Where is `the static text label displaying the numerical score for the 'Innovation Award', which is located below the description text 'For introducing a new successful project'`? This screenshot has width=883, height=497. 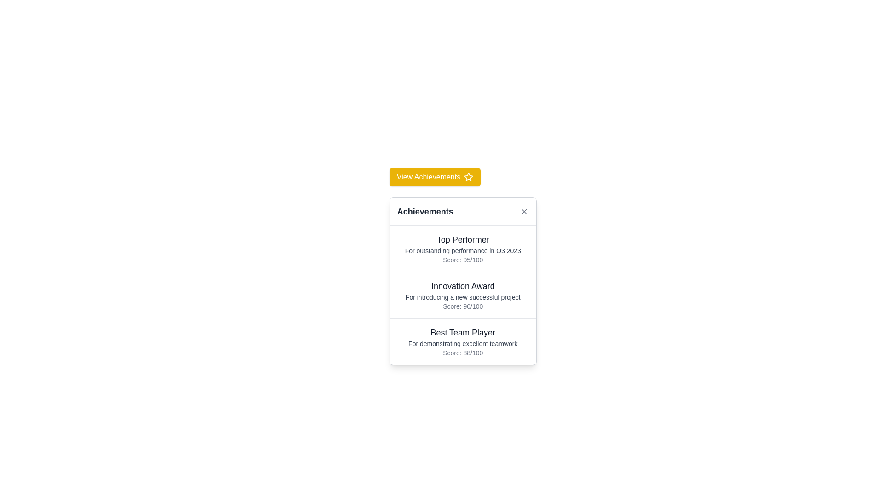
the static text label displaying the numerical score for the 'Innovation Award', which is located below the description text 'For introducing a new successful project' is located at coordinates (463, 306).